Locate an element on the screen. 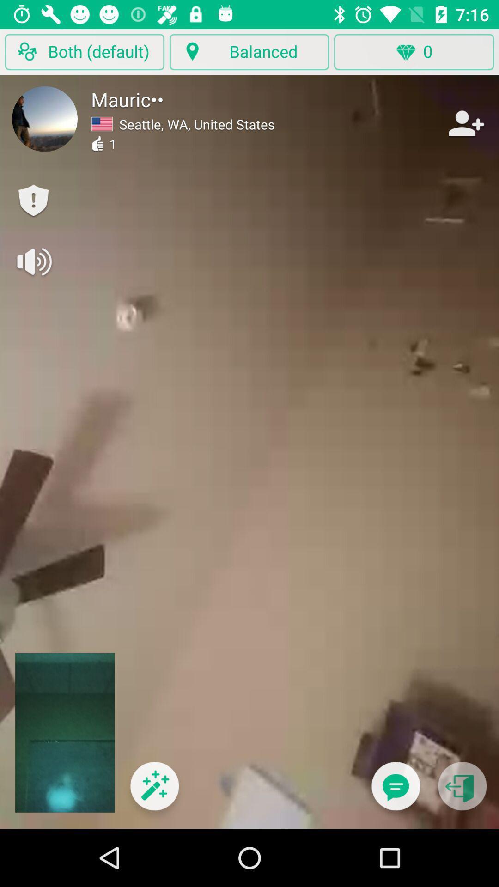 The width and height of the screenshot is (499, 887). the volume icon is located at coordinates (33, 261).